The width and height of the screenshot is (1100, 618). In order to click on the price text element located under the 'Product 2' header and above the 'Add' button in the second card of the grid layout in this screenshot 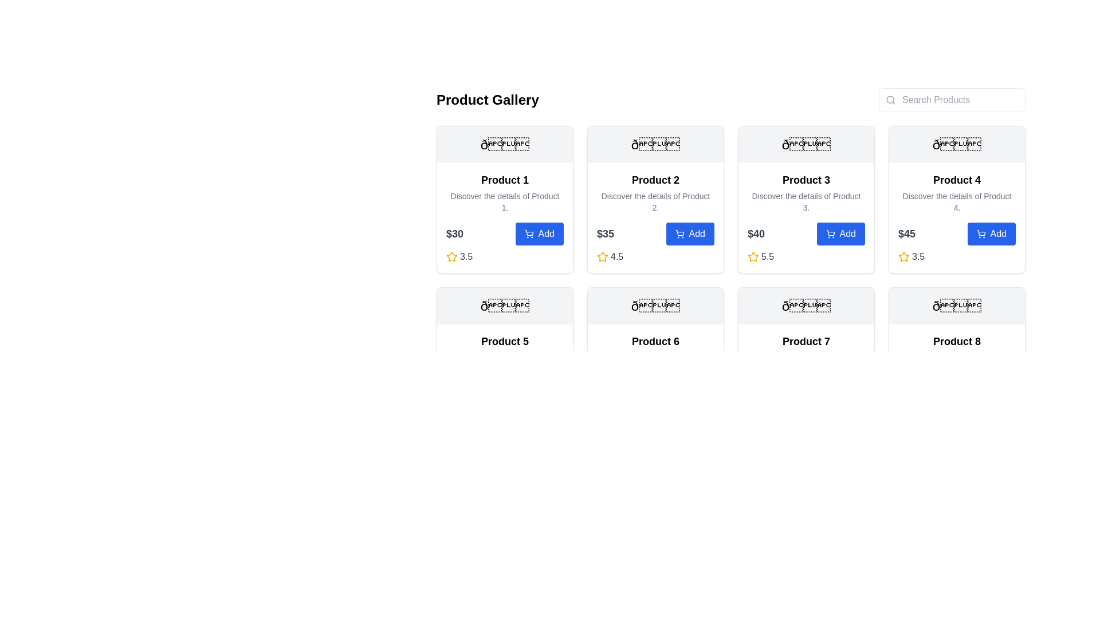, I will do `click(604, 233)`.